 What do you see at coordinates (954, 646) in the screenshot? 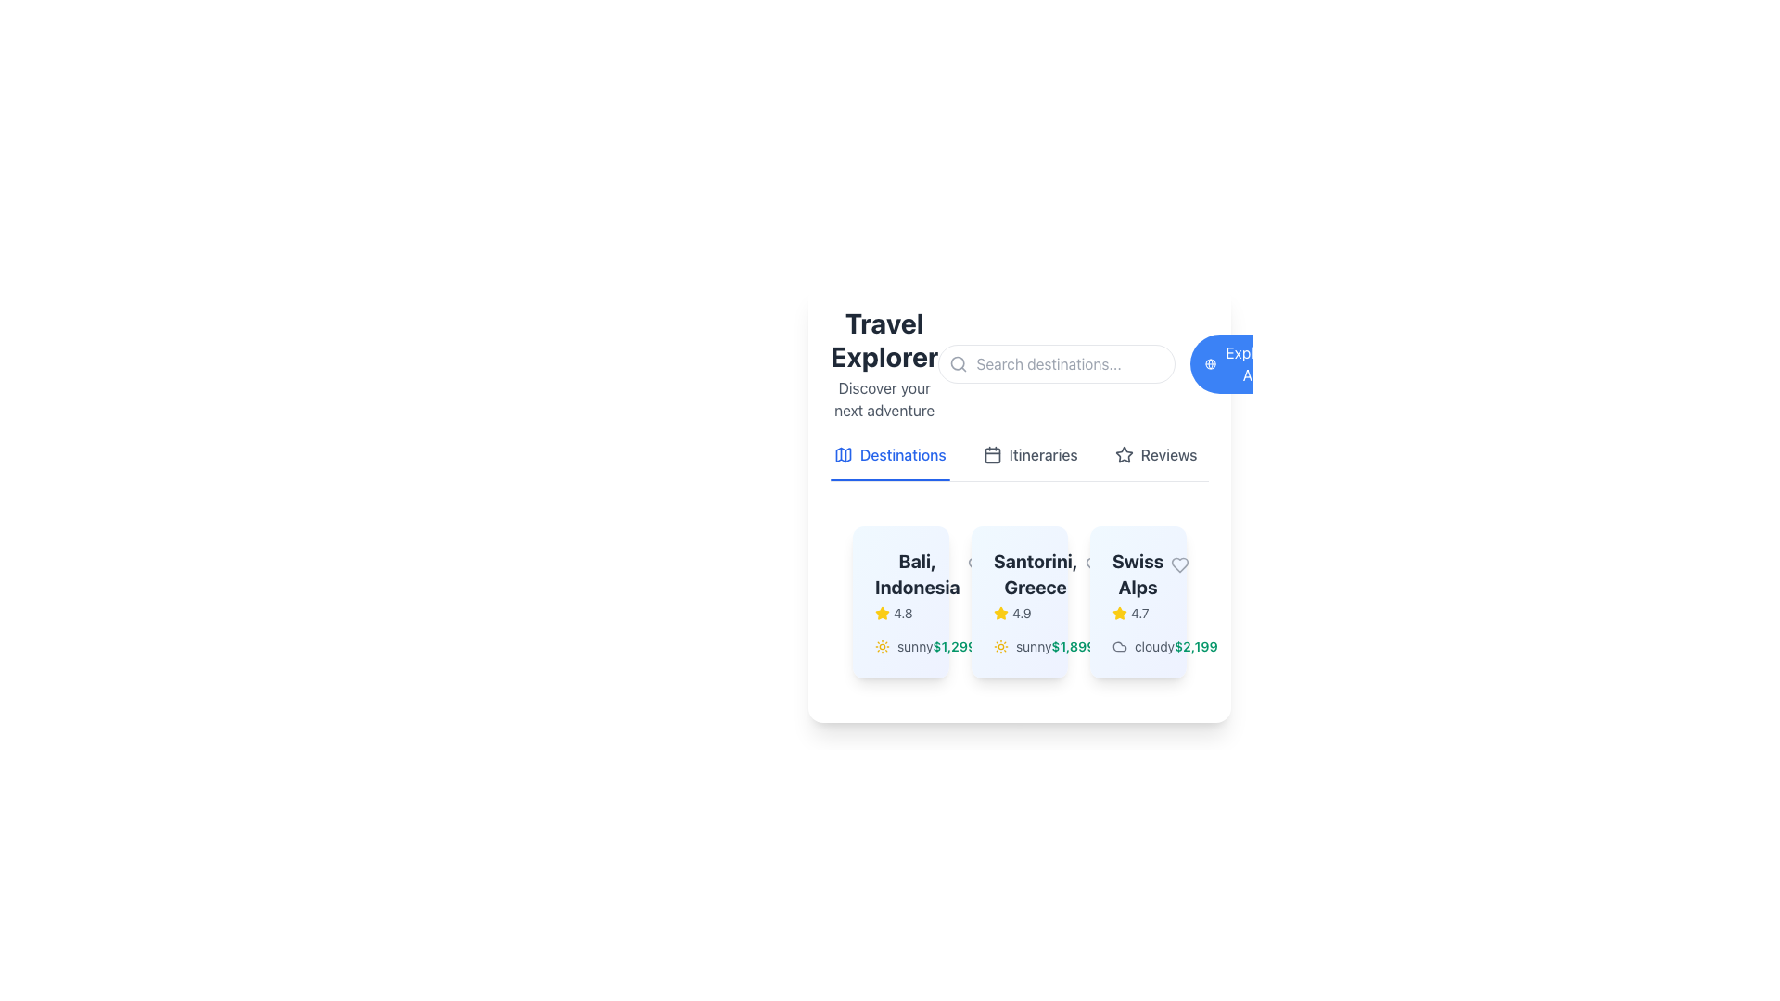
I see `the stylized text label displaying the price '$1,299' in bold, green font, located near the text description 'sunny' in the lower section of the card labeled 'Bali, Indonesia'` at bounding box center [954, 646].